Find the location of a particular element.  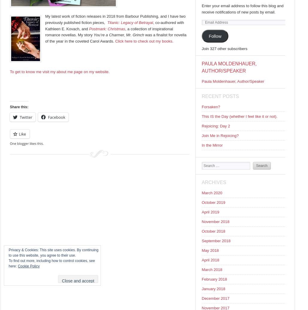

'February 2018' is located at coordinates (201, 279).